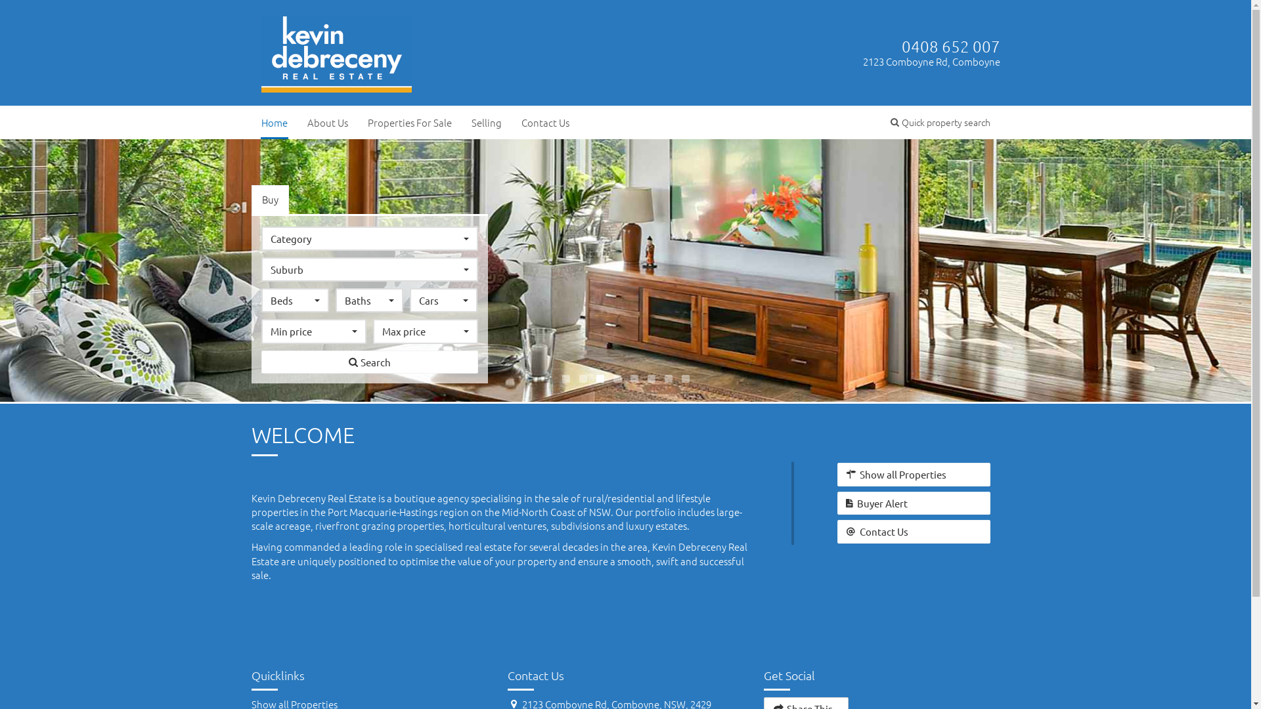  Describe the element at coordinates (426, 330) in the screenshot. I see `'Max price` at that location.